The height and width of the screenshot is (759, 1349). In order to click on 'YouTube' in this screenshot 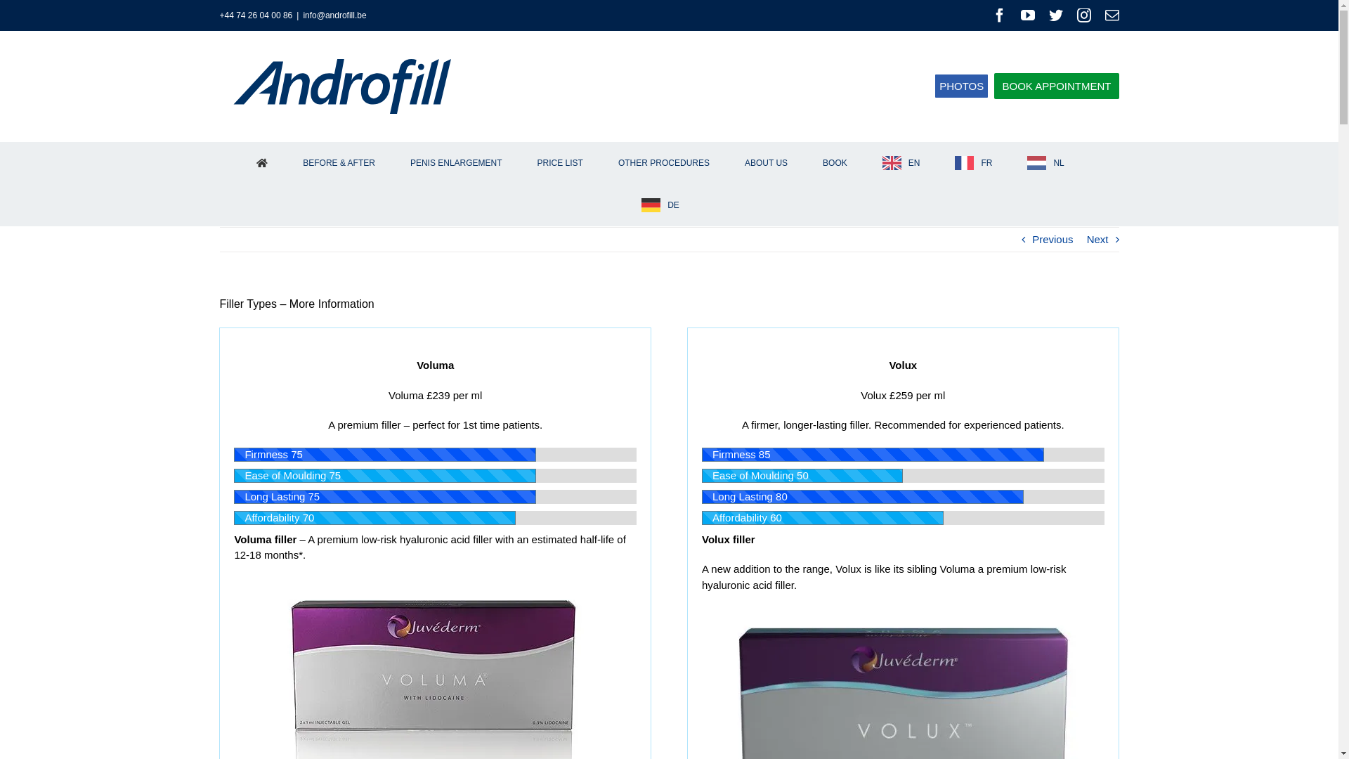, I will do `click(1027, 15)`.